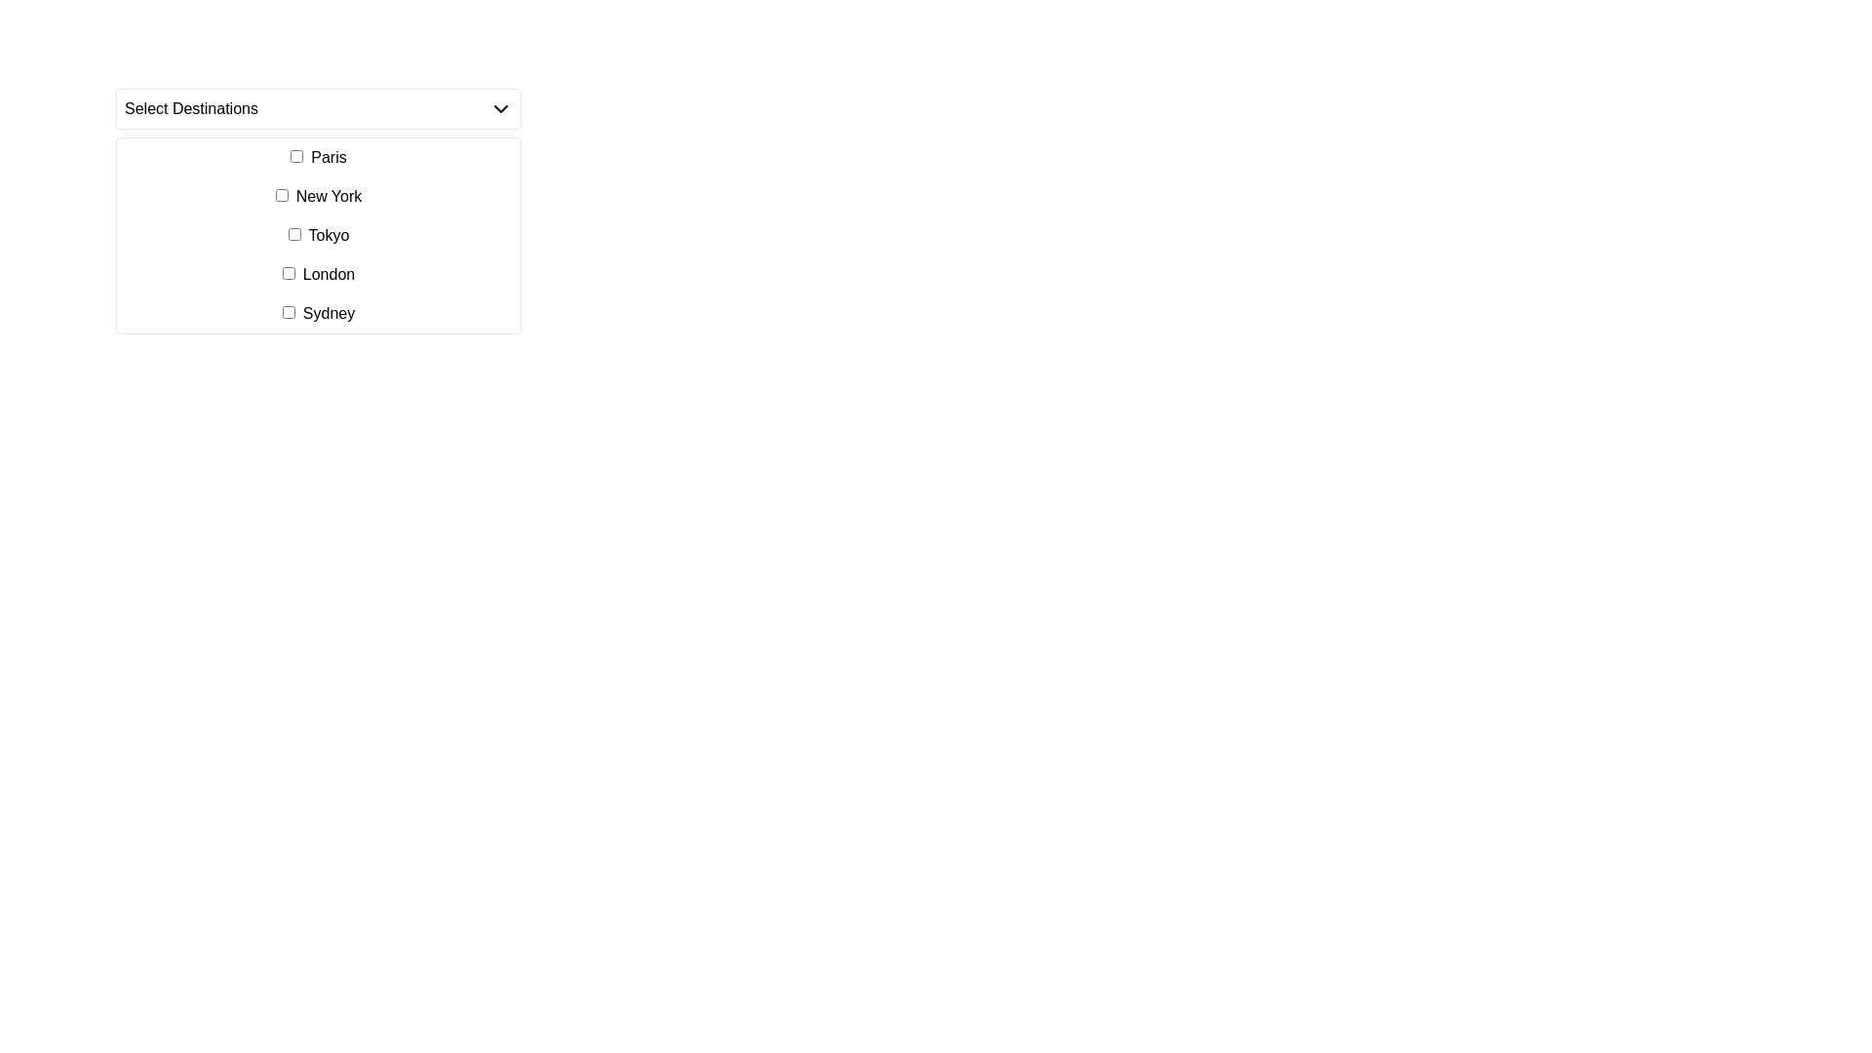 Image resolution: width=1872 pixels, height=1053 pixels. Describe the element at coordinates (288, 273) in the screenshot. I see `the checkbox located to the left of the 'London' label in the fourth entry of the 'Select Destinations' list` at that location.